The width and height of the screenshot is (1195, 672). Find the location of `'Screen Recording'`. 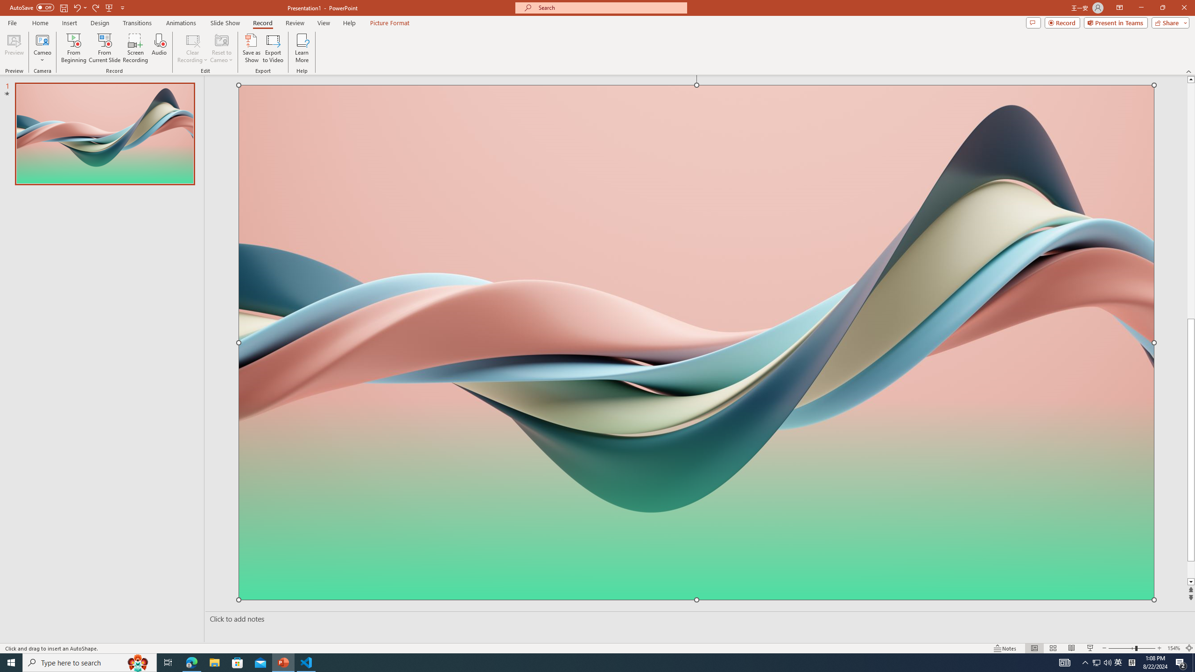

'Screen Recording' is located at coordinates (135, 48).